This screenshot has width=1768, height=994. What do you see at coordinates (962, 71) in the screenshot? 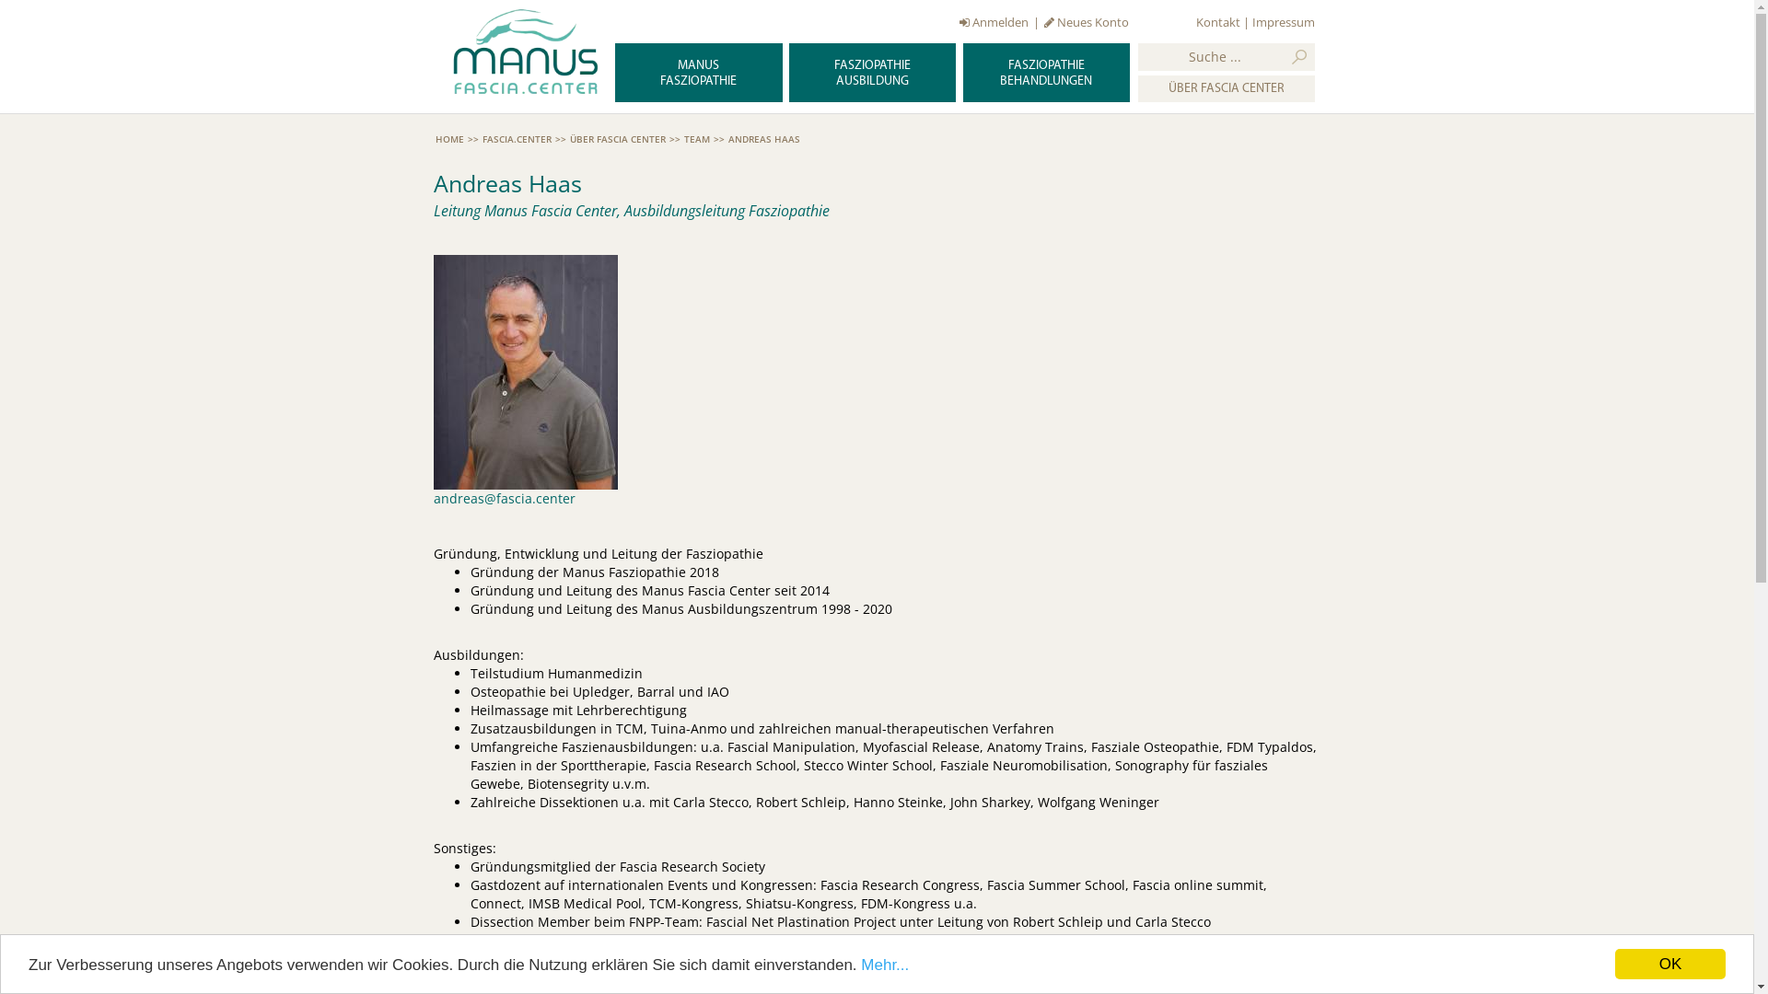
I see `'FASZIOPATHIE BEHANDLUNGEN'` at bounding box center [962, 71].